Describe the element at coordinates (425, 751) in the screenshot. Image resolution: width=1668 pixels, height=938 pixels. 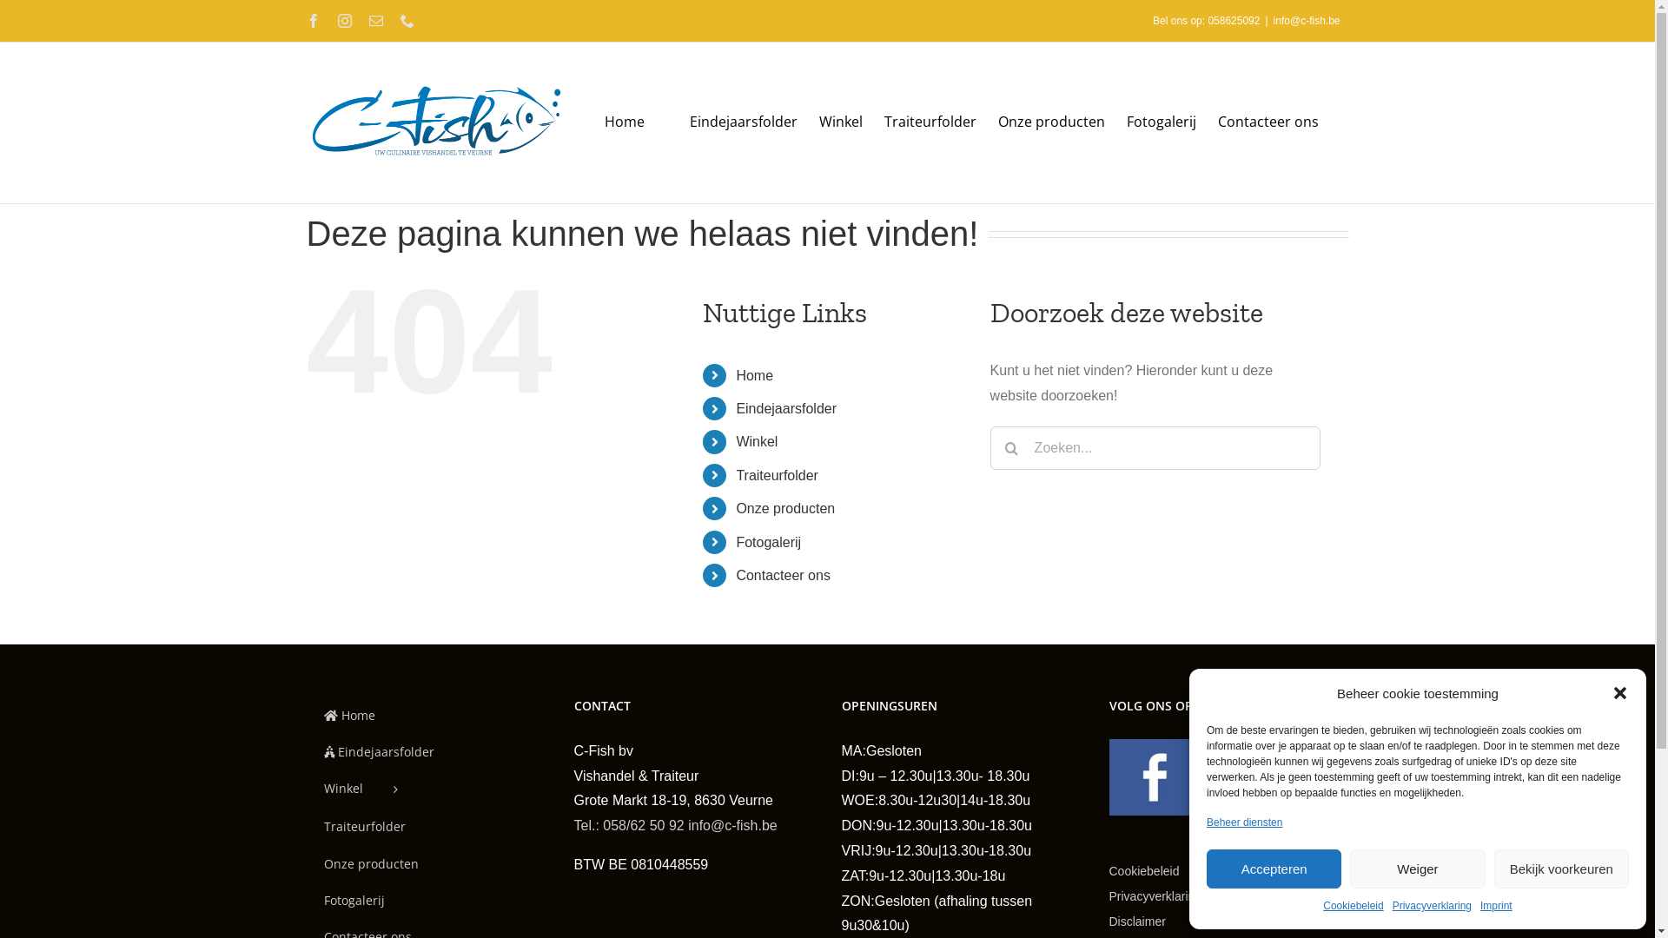
I see `'Eindejaarsfolder'` at that location.